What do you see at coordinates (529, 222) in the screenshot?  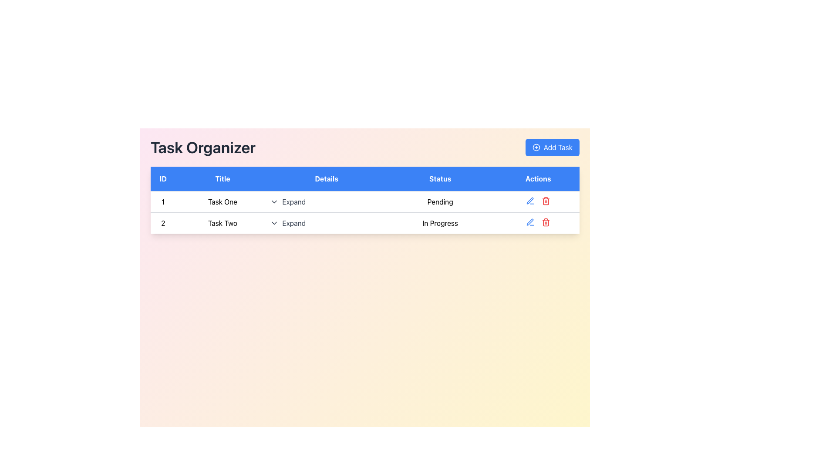 I see `the edit icon located in the 'Actions' column of the second row of the table to modify the corresponding row's content` at bounding box center [529, 222].